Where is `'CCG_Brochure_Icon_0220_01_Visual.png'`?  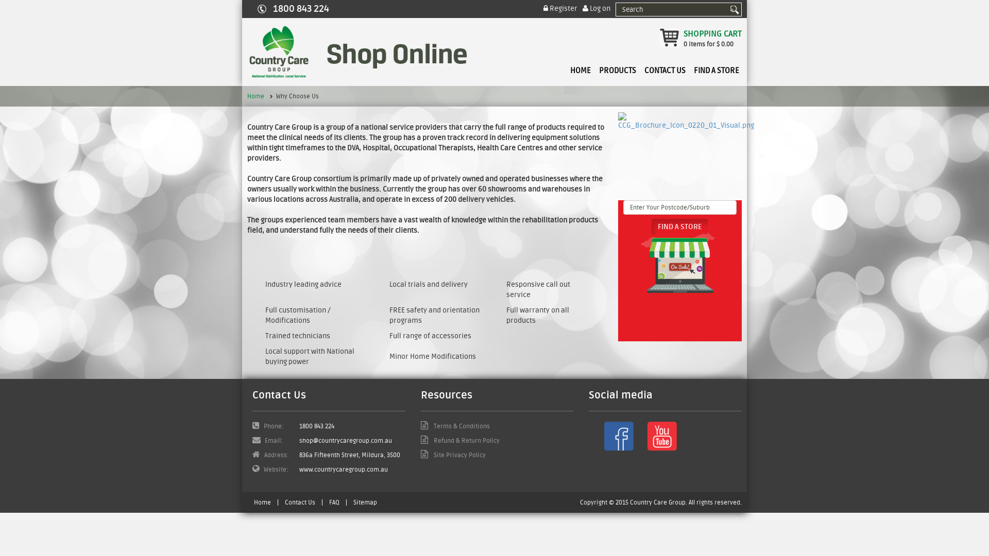
'CCG_Brochure_Icon_0220_01_Visual.png' is located at coordinates (618, 120).